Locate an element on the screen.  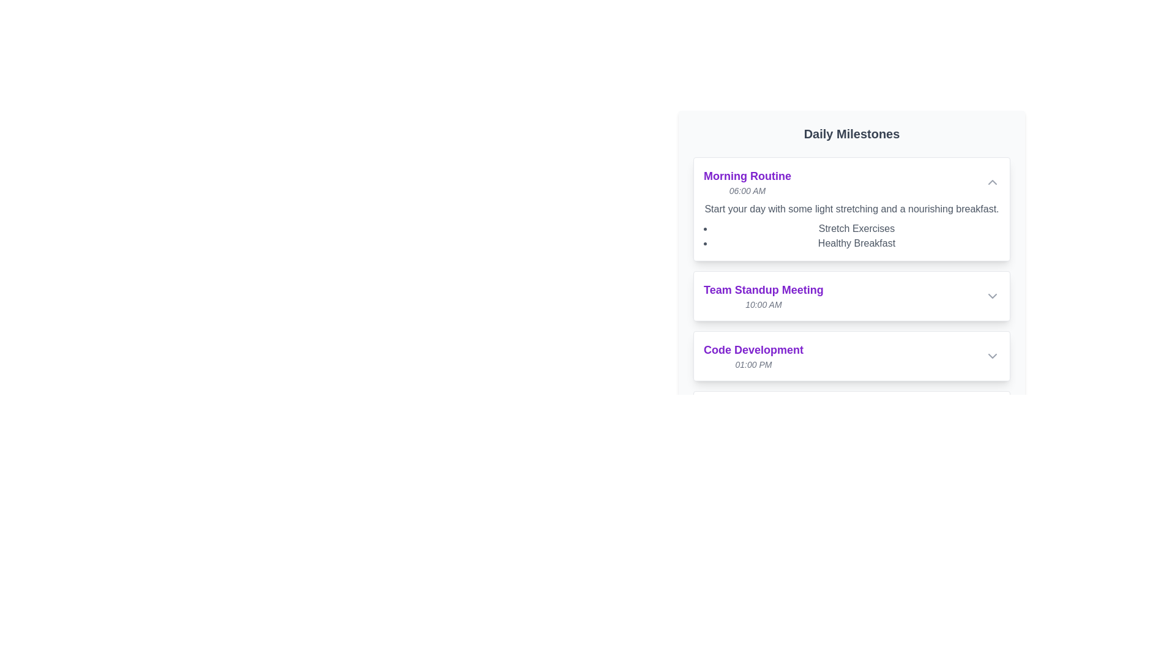
the interactive control button for collapsing or hiding the 'Morning Routine' section is located at coordinates (993, 182).